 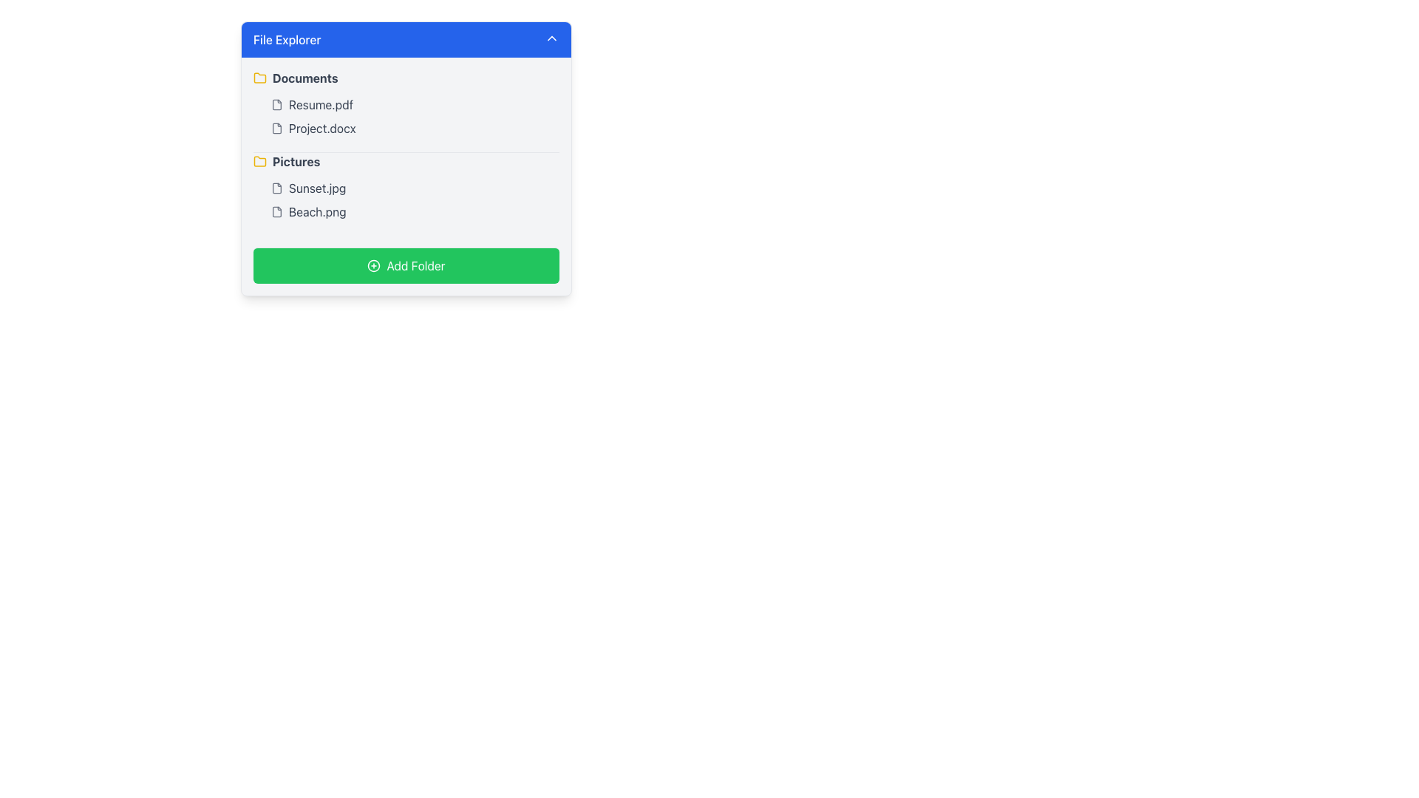 I want to click on the folder icon representing the 'Pictures' section within the file explorer, located to the left of the text 'Pictures', so click(x=259, y=161).